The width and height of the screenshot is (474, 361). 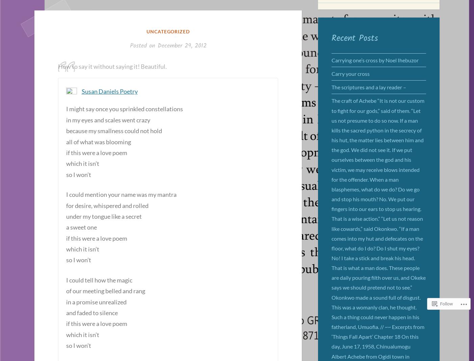 I want to click on 'and faded to silence', so click(x=92, y=312).